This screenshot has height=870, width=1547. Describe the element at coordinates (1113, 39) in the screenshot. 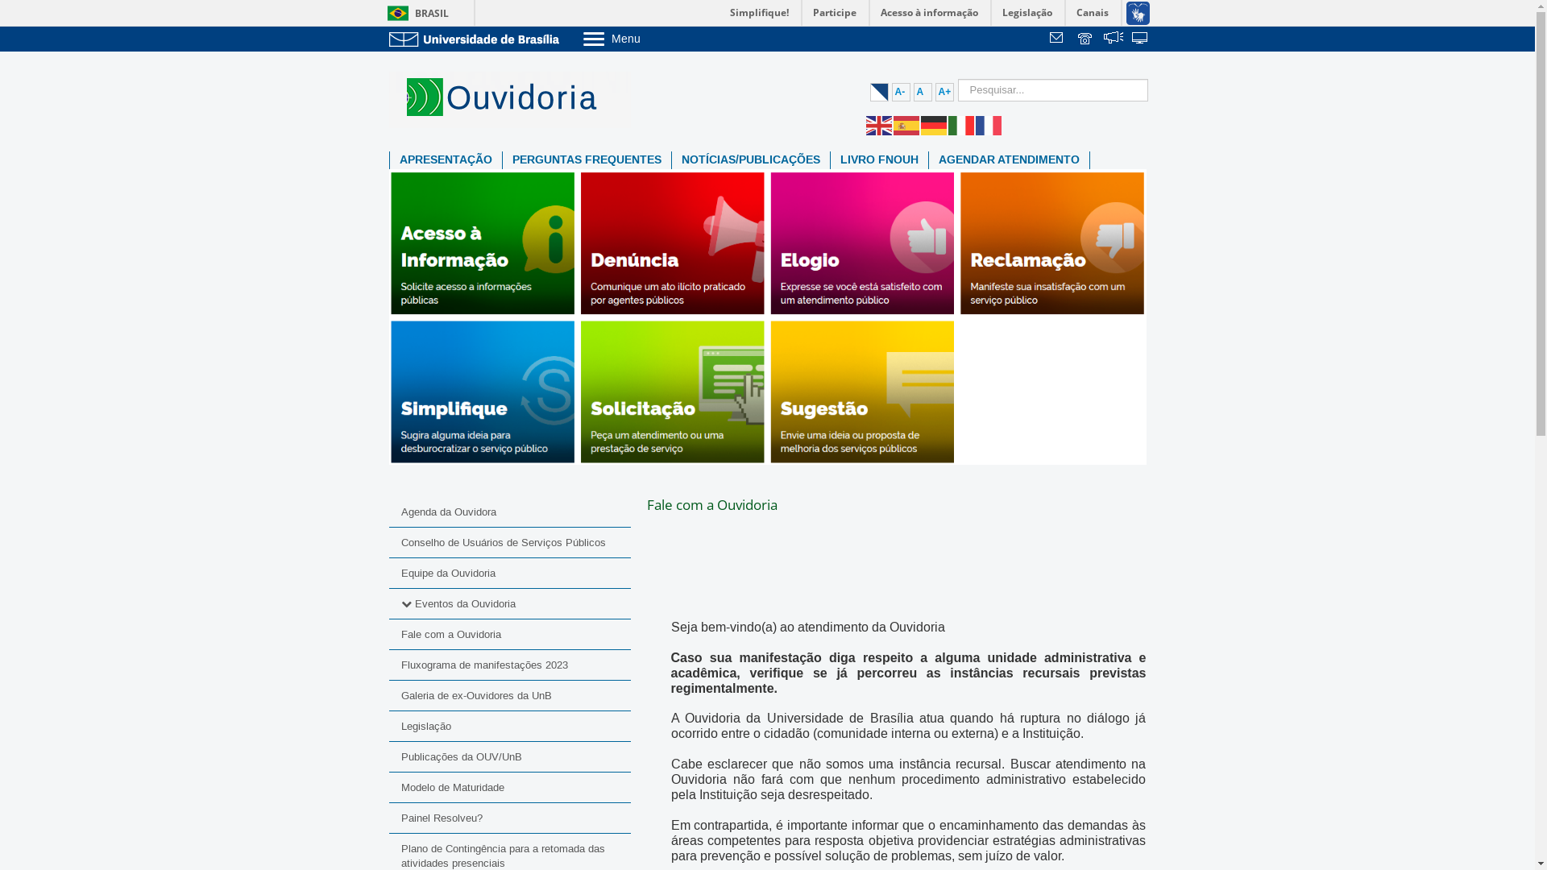

I see `' '` at that location.